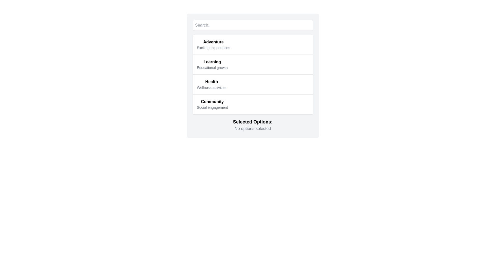 The height and width of the screenshot is (279, 497). What do you see at coordinates (213, 48) in the screenshot?
I see `text content of the descriptive Text element located directly beneath the 'Adventure' title in the first option of a vertically stacked list of categories` at bounding box center [213, 48].